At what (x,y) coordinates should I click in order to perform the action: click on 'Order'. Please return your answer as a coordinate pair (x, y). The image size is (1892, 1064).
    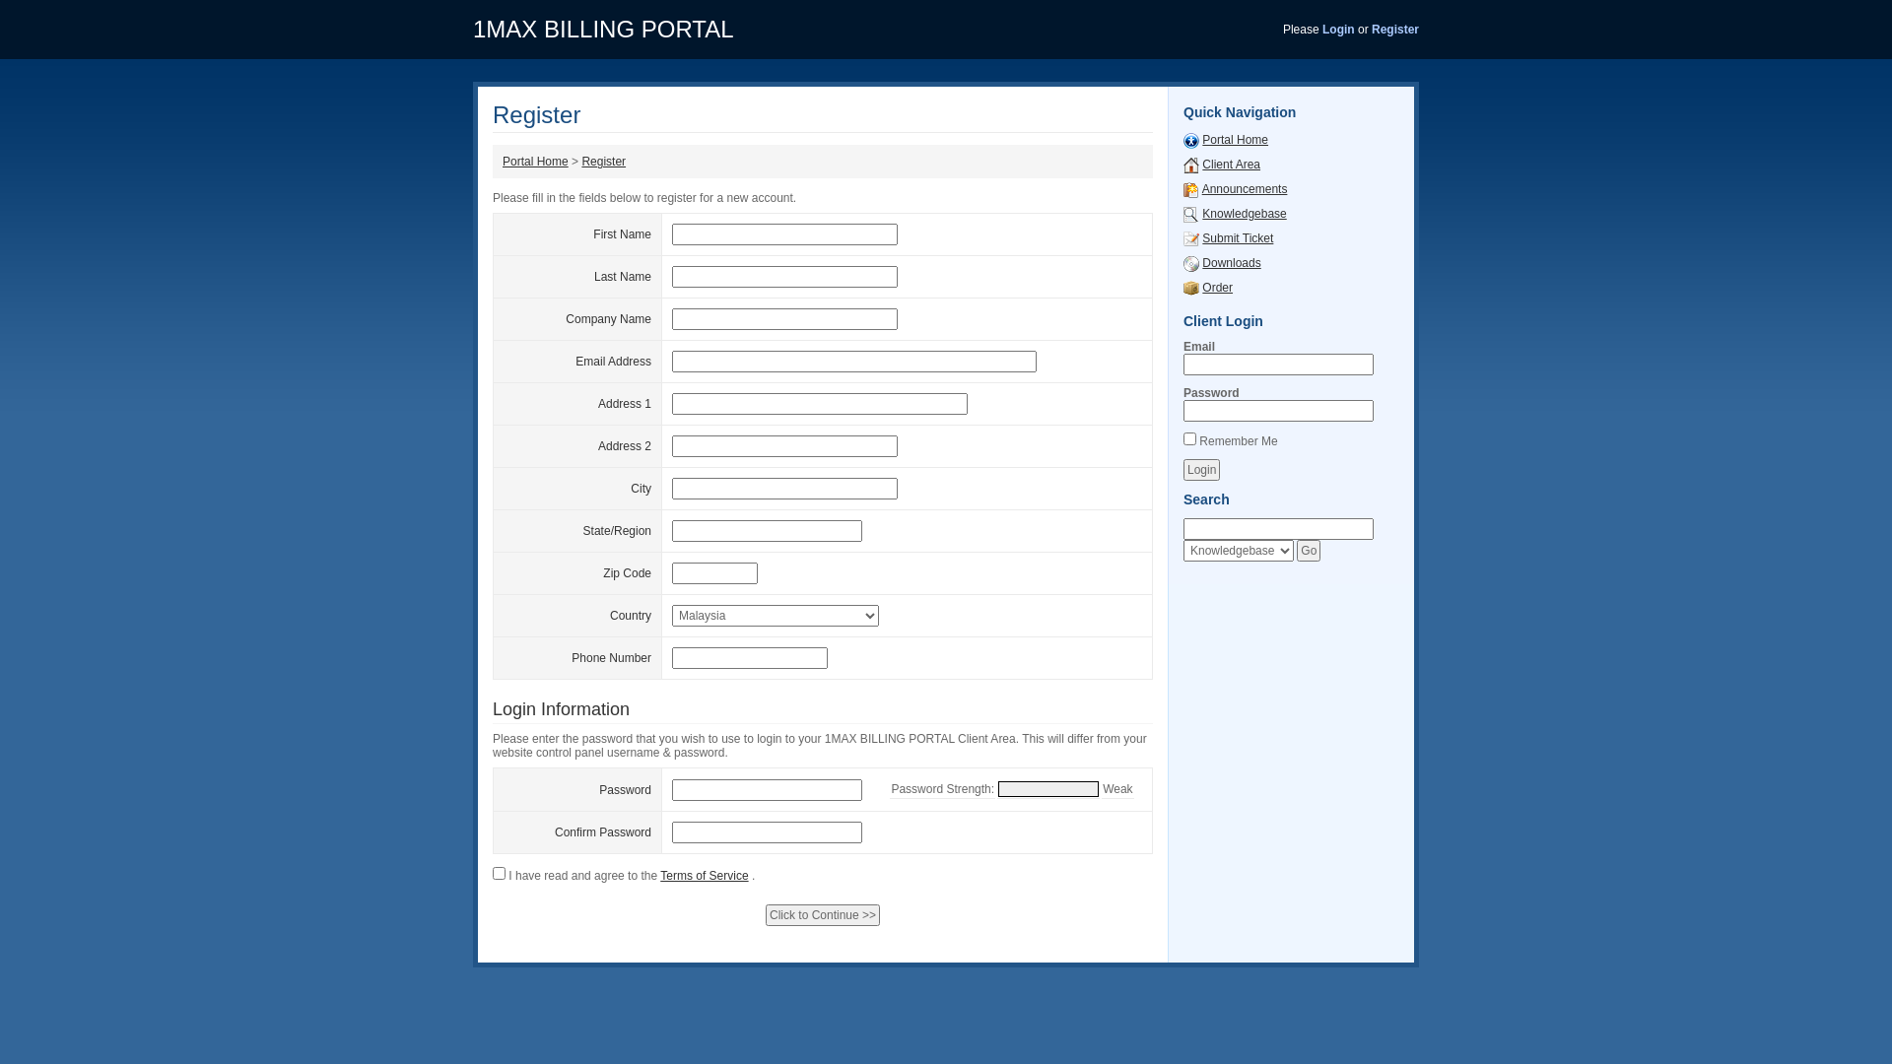
    Looking at the image, I should click on (1190, 288).